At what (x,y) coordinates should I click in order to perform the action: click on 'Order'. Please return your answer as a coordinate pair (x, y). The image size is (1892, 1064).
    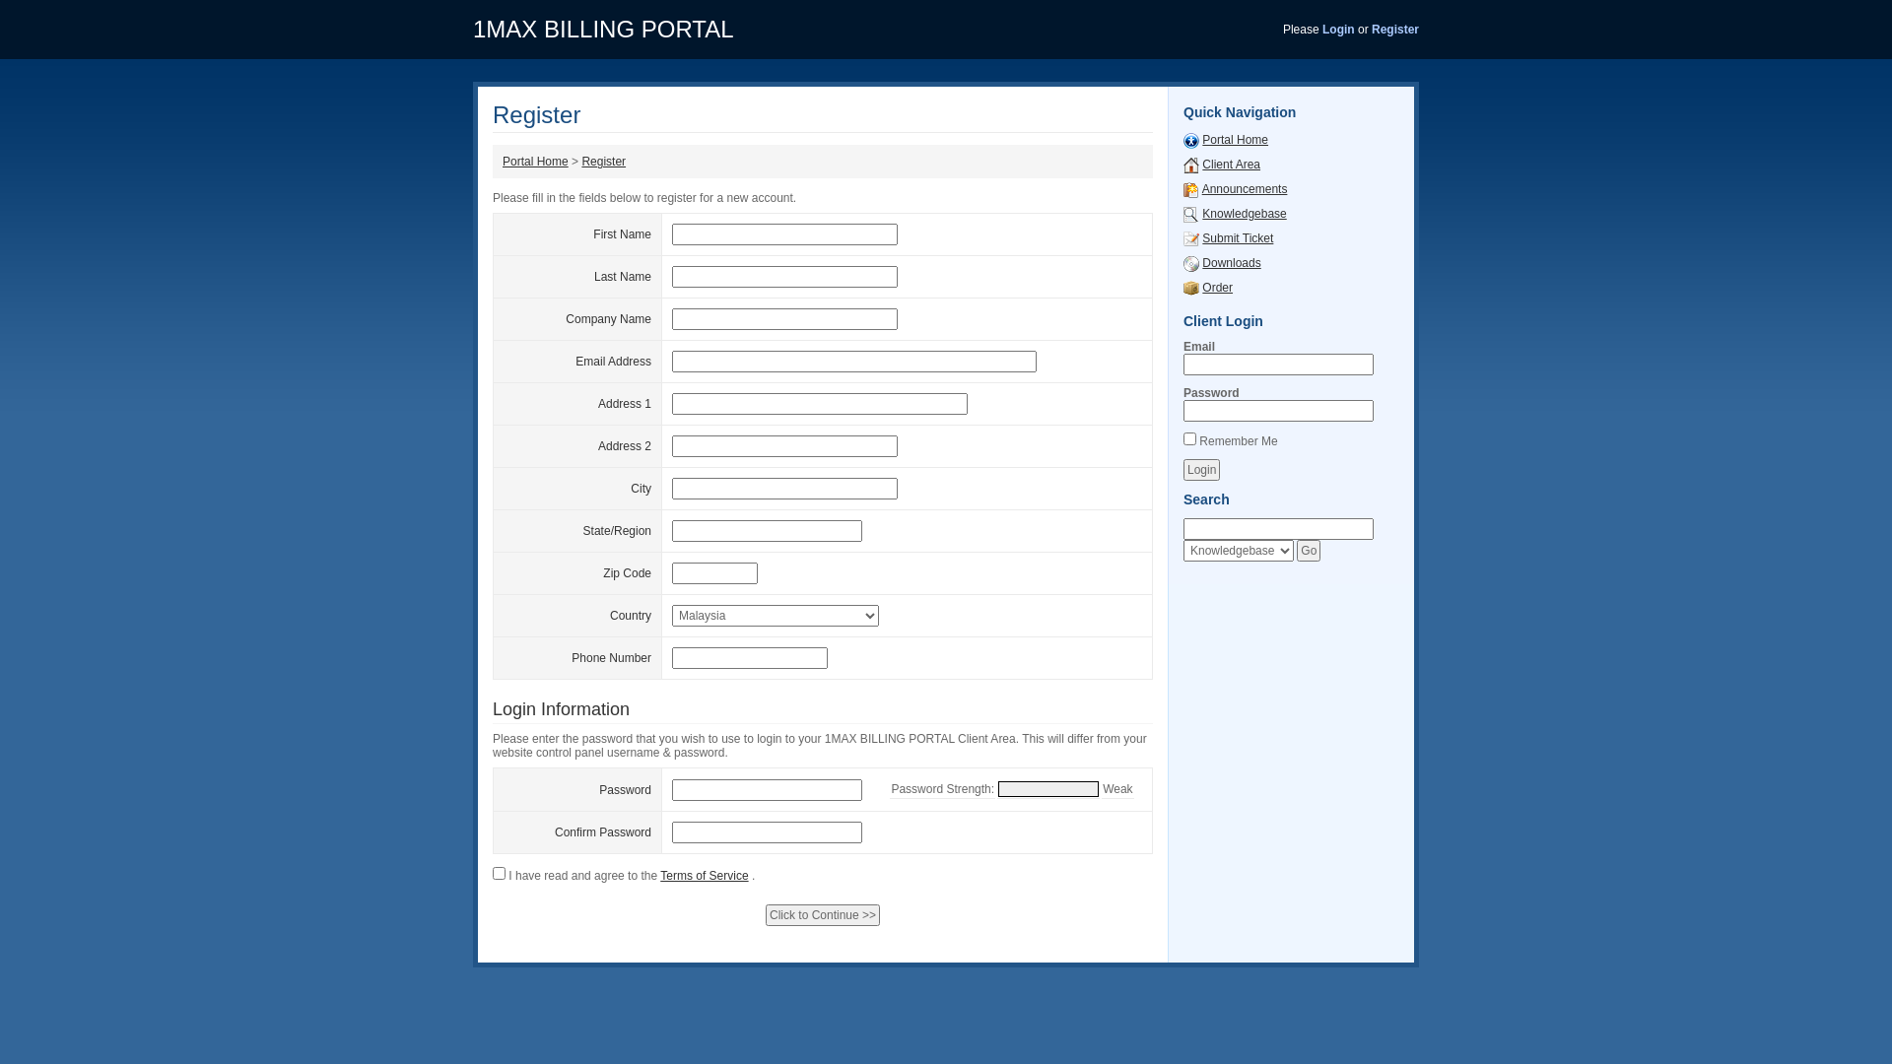
    Looking at the image, I should click on (1190, 288).